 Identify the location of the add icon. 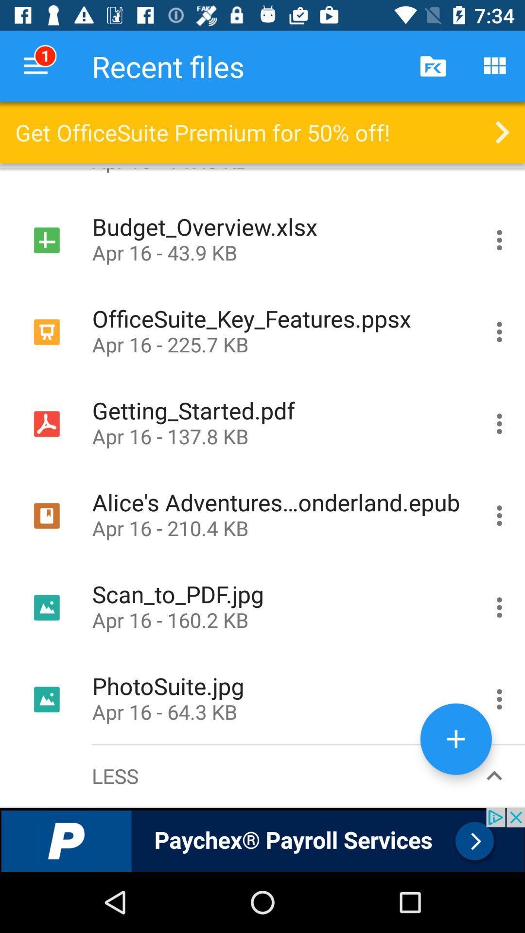
(456, 739).